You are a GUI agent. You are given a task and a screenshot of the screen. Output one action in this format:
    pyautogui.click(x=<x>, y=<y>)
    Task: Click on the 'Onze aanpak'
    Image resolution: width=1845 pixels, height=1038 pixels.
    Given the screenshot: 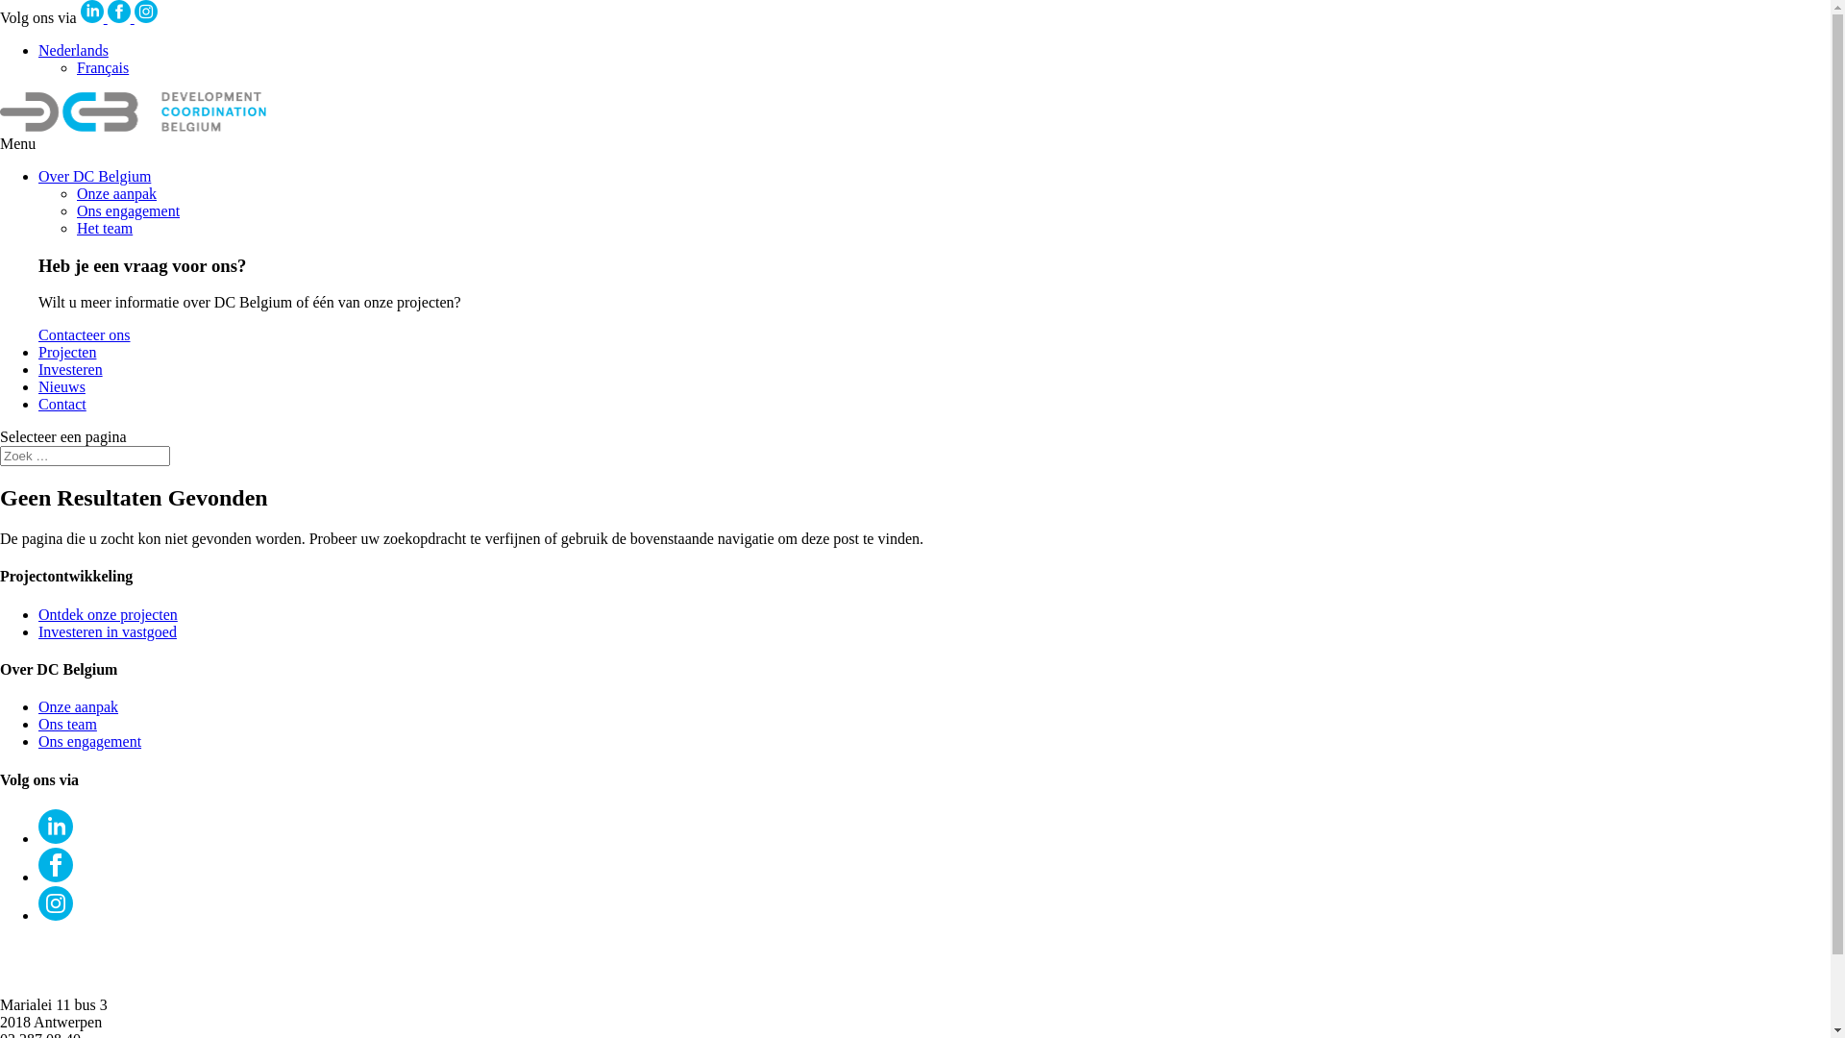 What is the action you would take?
    pyautogui.click(x=115, y=193)
    